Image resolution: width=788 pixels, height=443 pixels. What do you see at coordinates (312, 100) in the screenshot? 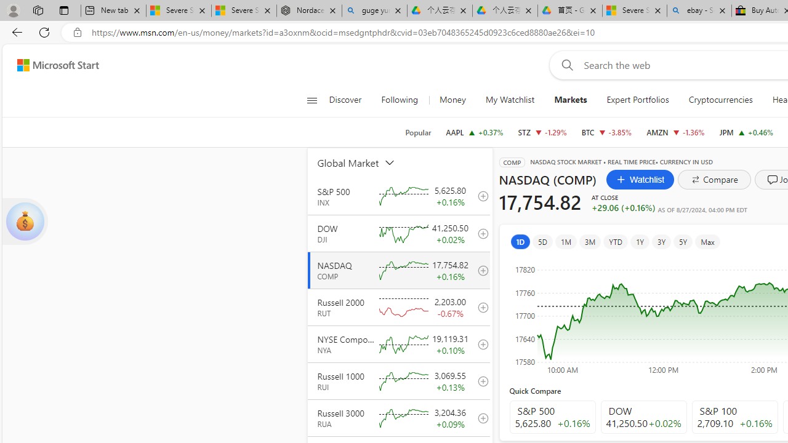
I see `'Class: button-glyph'` at bounding box center [312, 100].